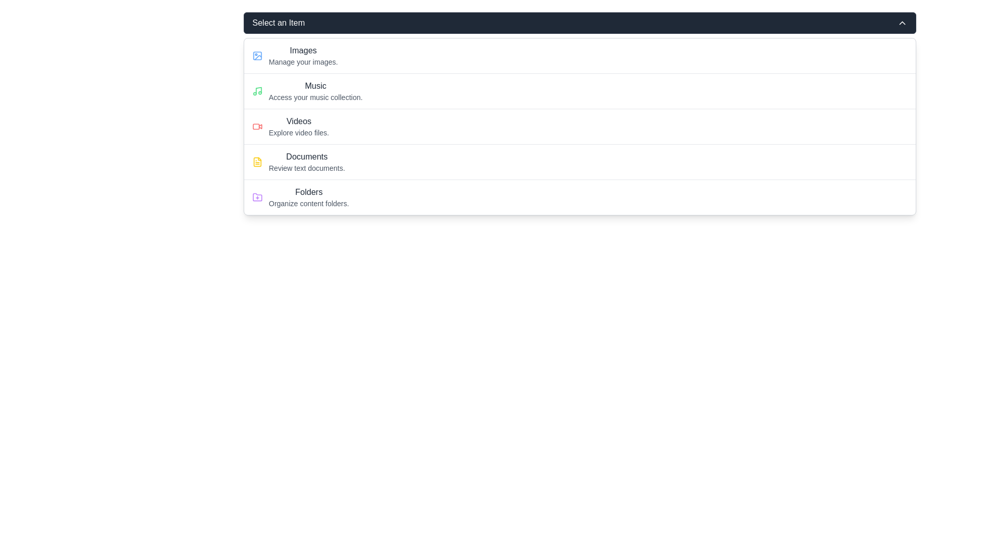 The height and width of the screenshot is (554, 985). I want to click on the small icon located at the right-most end of the dark header bar containing the text 'Select an Item', so click(901, 23).